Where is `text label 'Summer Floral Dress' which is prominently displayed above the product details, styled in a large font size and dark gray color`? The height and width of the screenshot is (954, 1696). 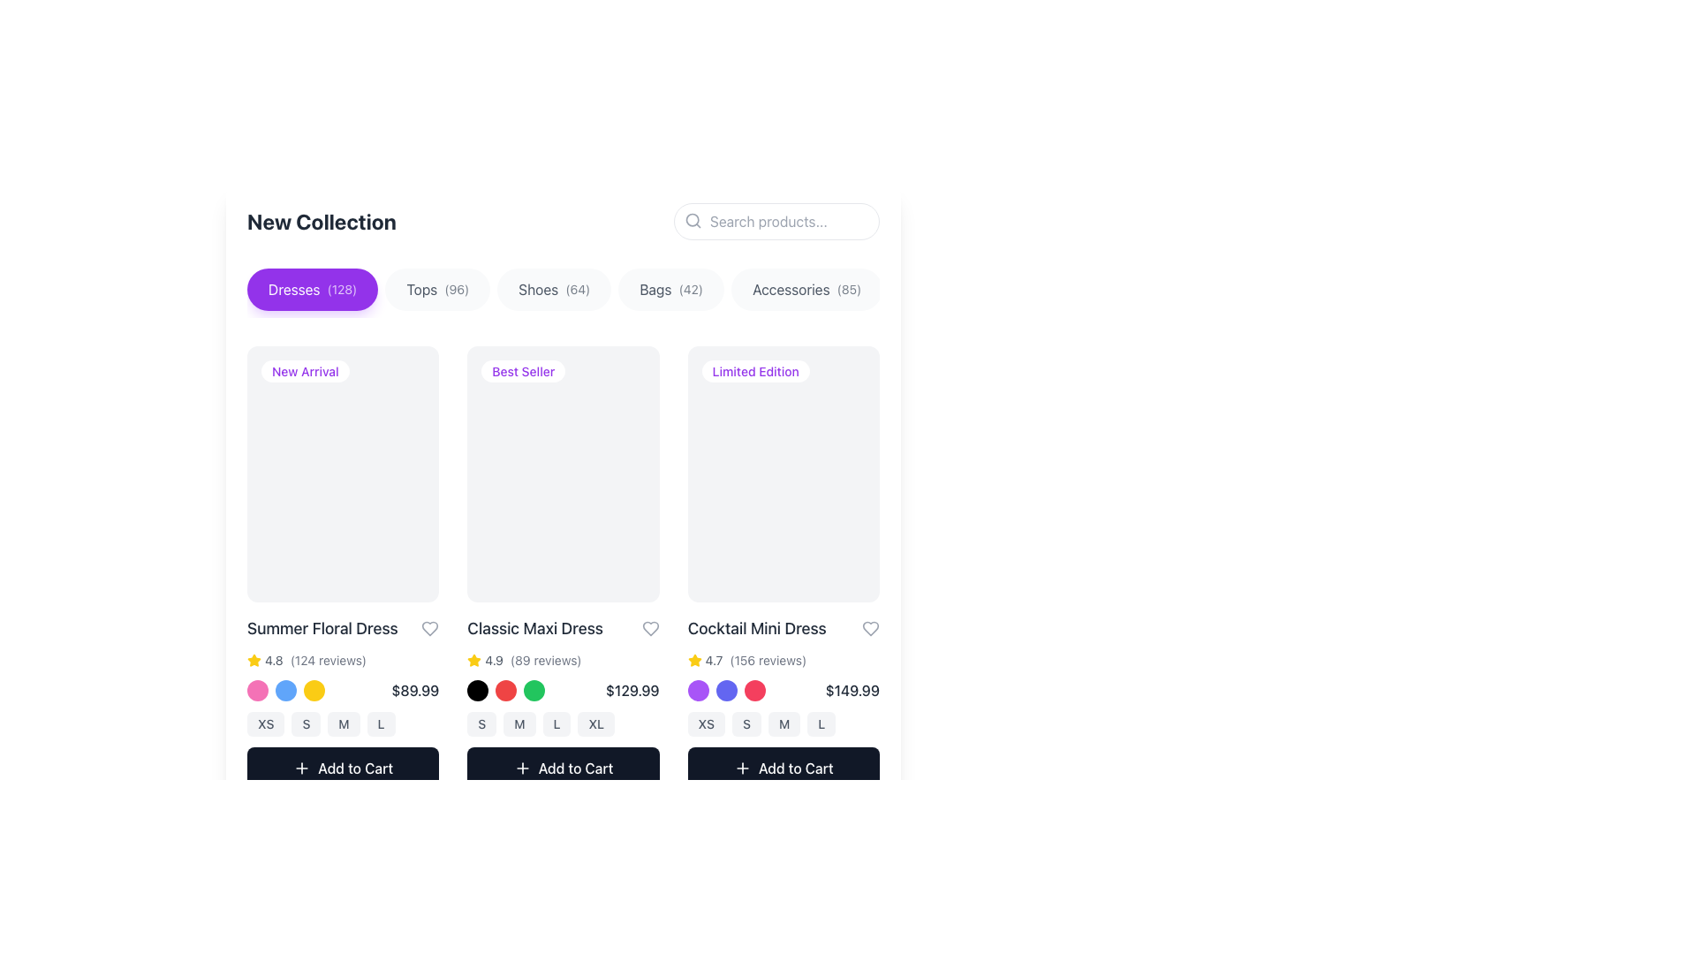
text label 'Summer Floral Dress' which is prominently displayed above the product details, styled in a large font size and dark gray color is located at coordinates (322, 627).